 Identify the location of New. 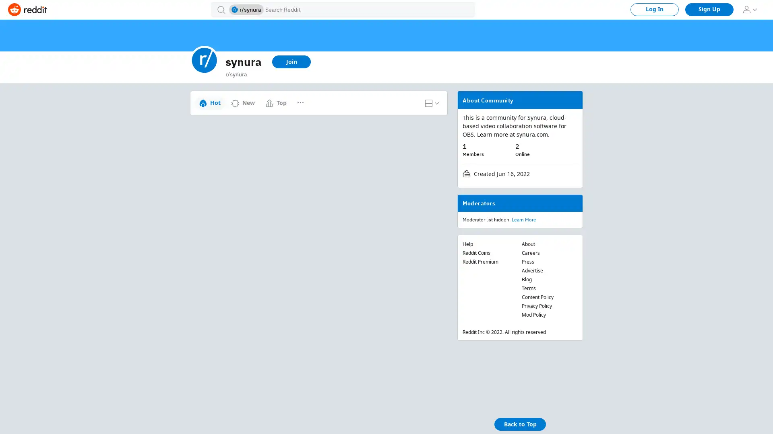
(242, 102).